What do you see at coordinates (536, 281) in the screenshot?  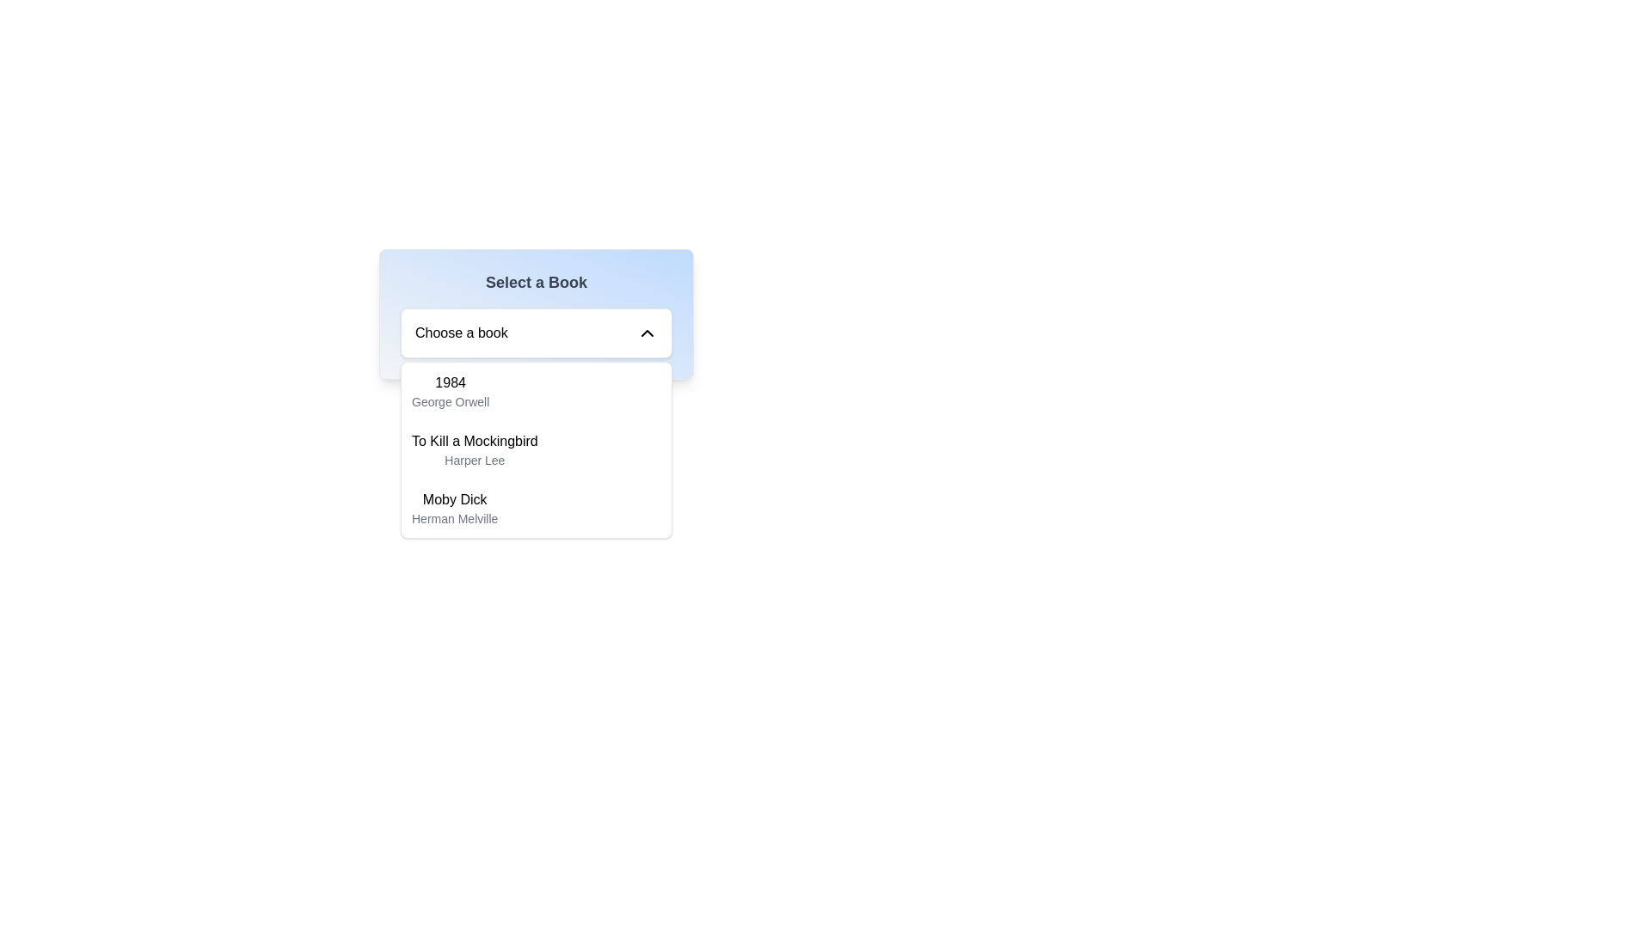 I see `the Text Label that serves as a title or heading for selecting a book from the options below` at bounding box center [536, 281].